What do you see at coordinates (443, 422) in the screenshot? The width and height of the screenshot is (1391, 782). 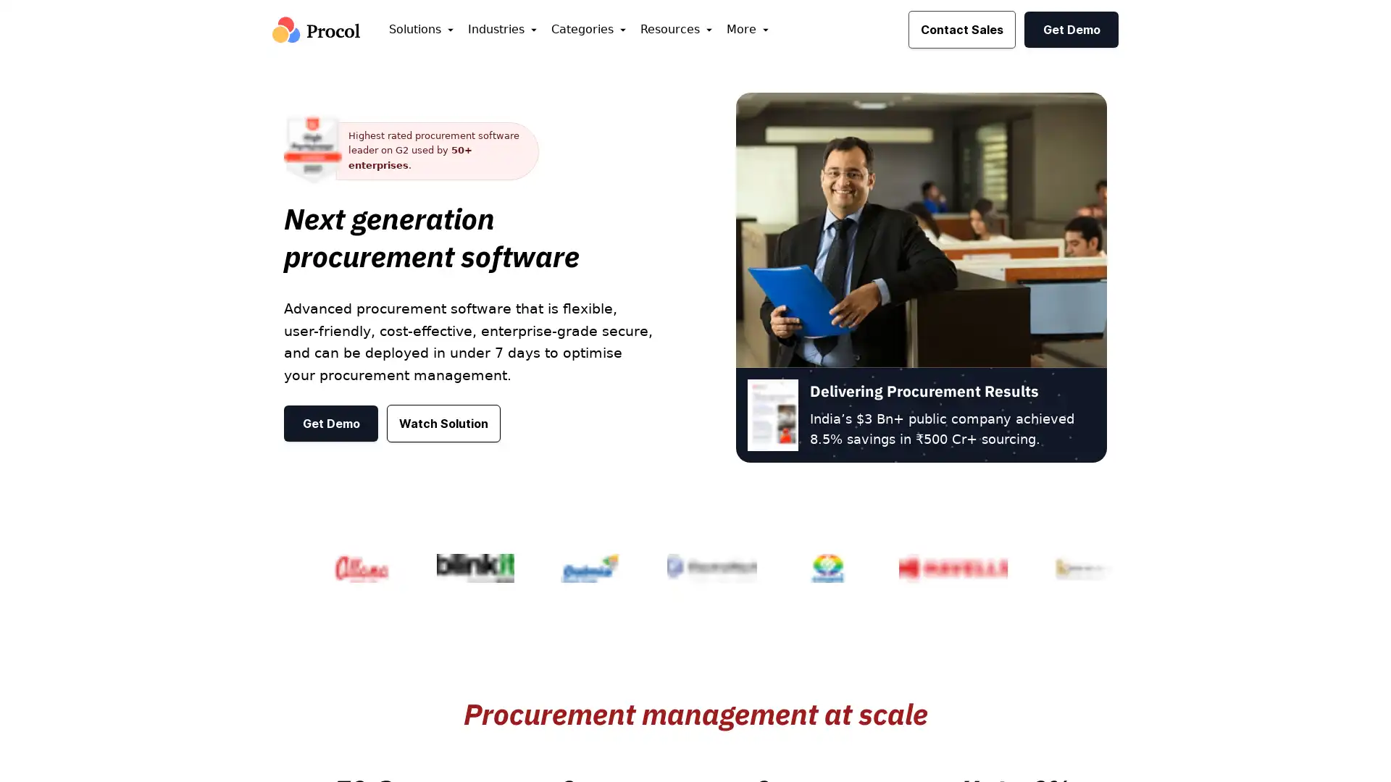 I see `Watch Solution` at bounding box center [443, 422].